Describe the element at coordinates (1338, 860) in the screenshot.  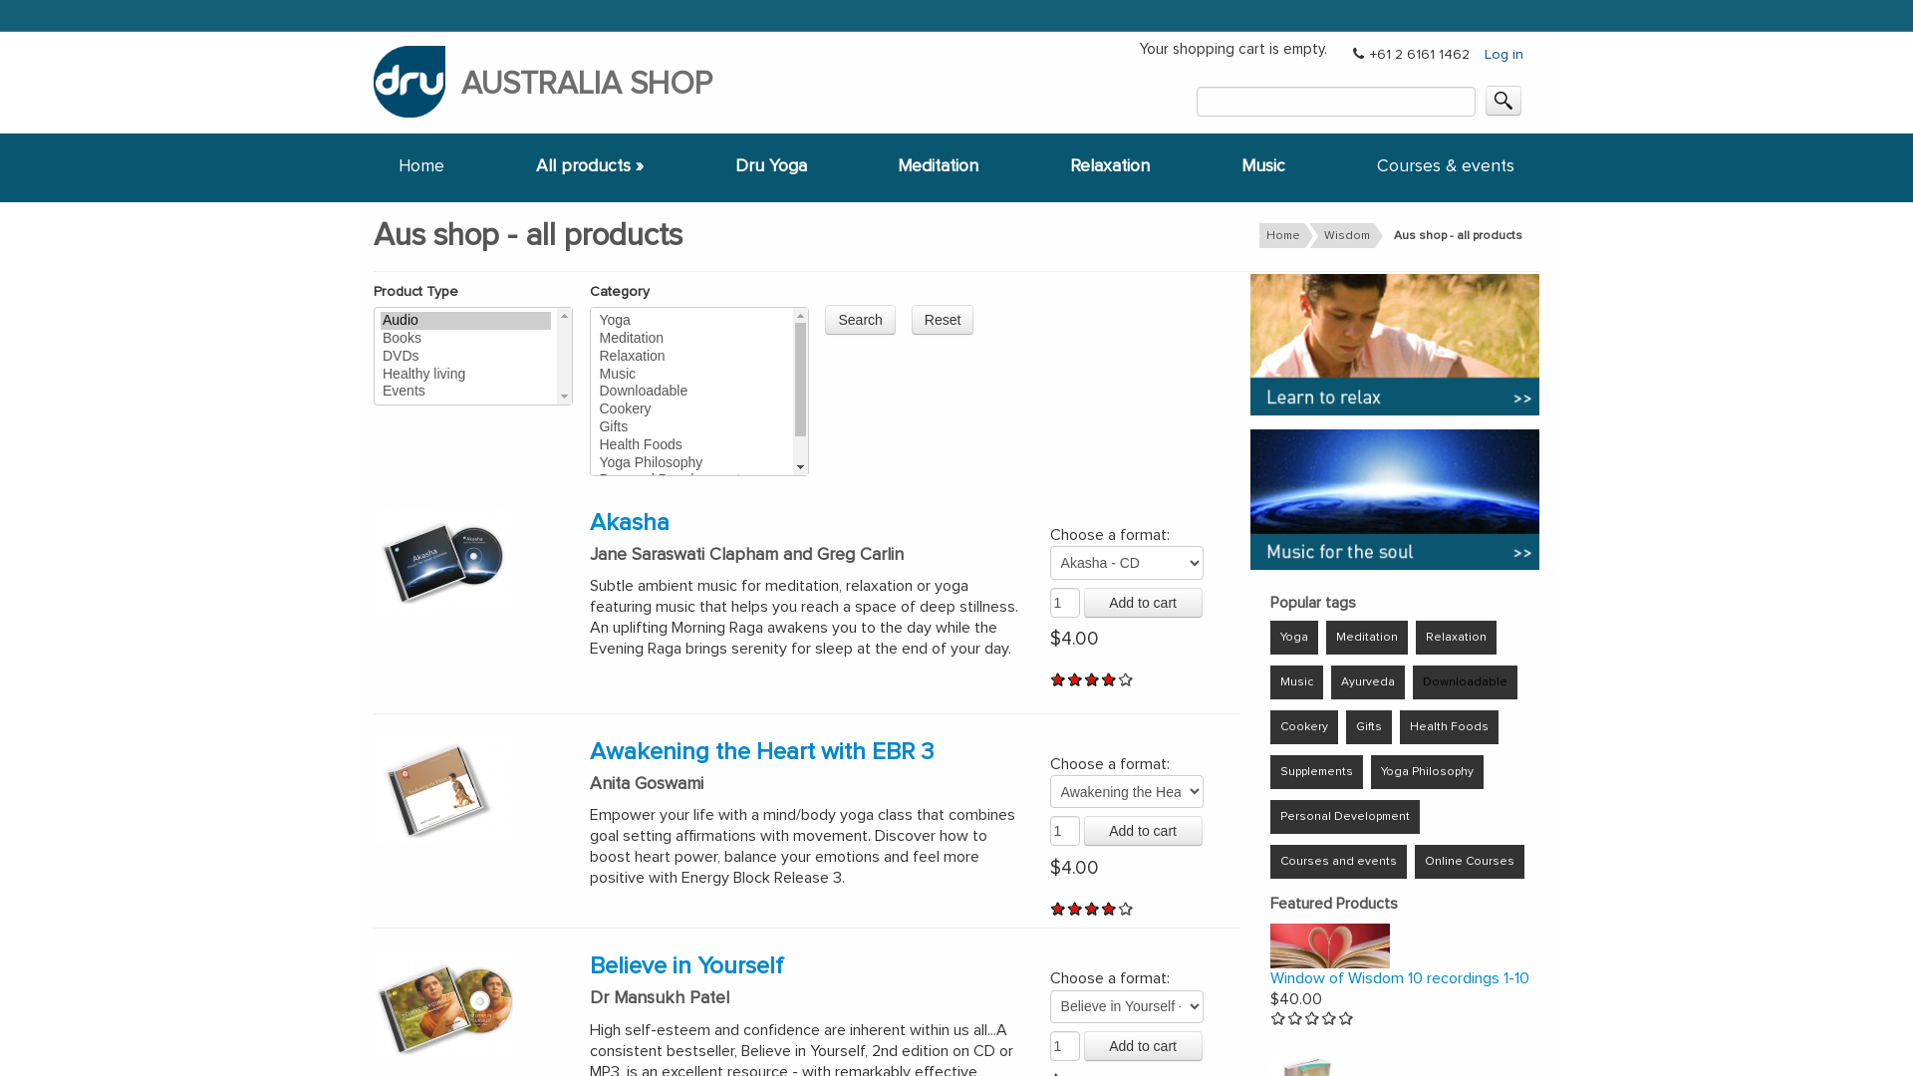
I see `'Courses and events'` at that location.